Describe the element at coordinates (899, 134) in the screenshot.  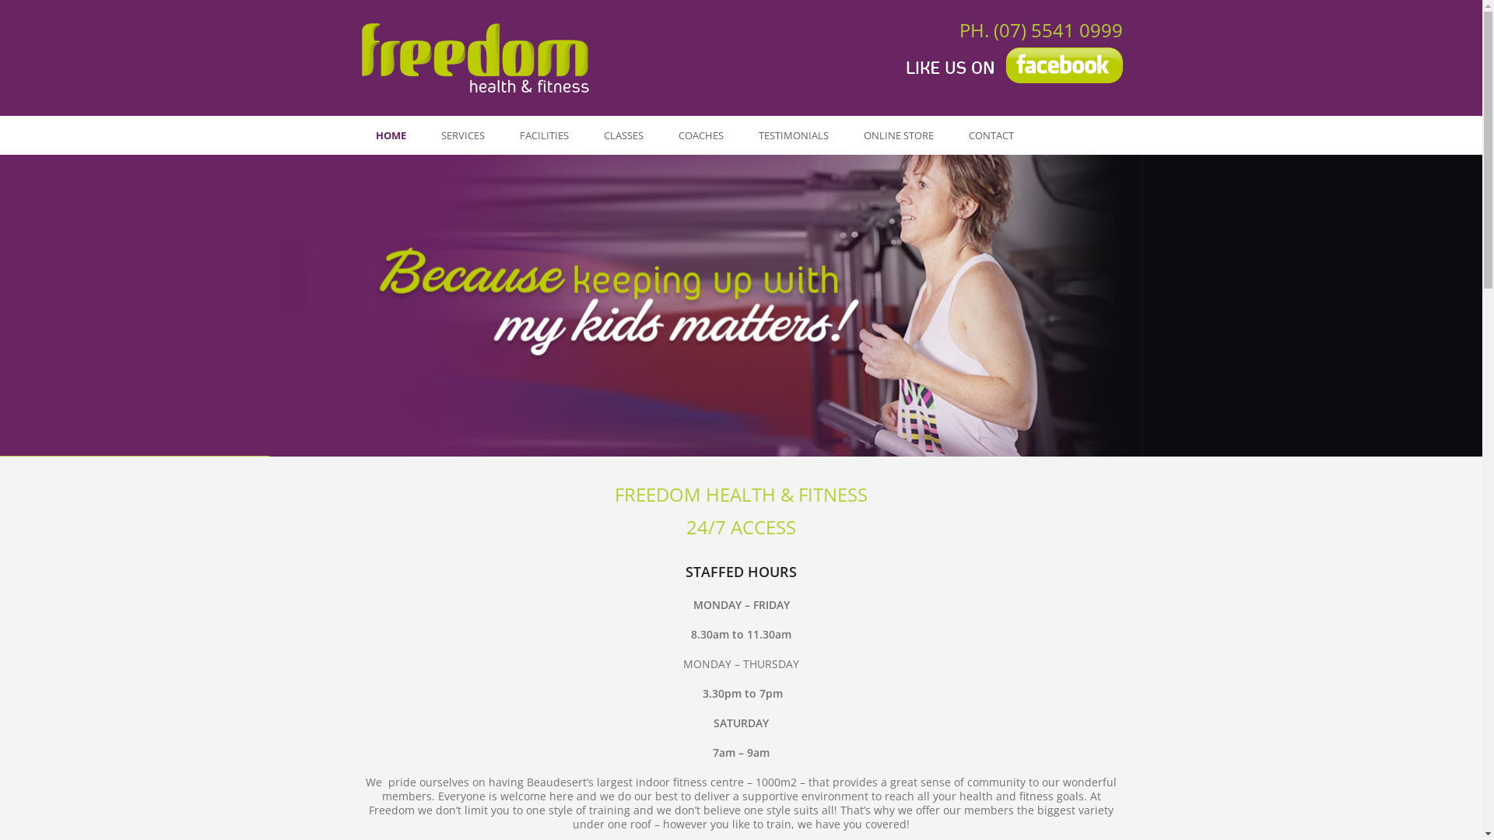
I see `'ONLINE STORE'` at that location.